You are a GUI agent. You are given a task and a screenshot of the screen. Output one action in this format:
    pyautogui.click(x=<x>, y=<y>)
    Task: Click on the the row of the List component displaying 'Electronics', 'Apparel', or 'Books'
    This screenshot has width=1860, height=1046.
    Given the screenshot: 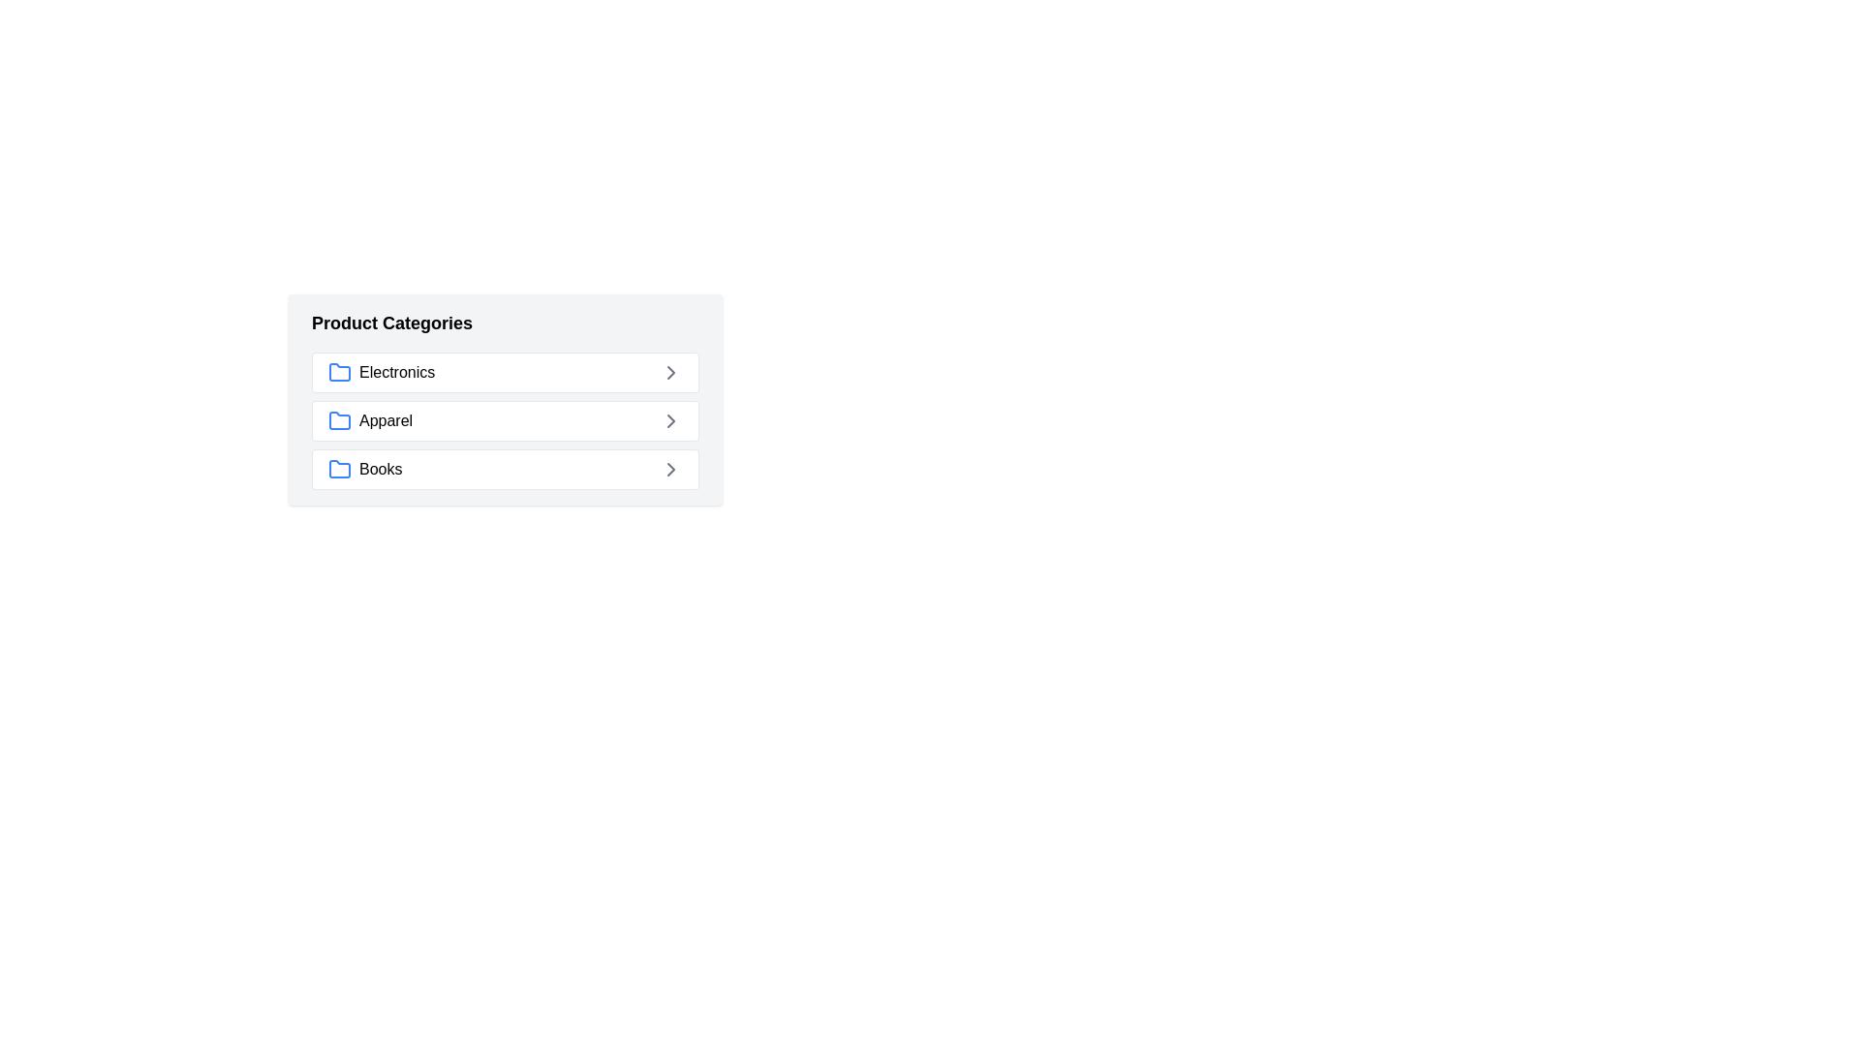 What is the action you would take?
    pyautogui.click(x=688, y=452)
    